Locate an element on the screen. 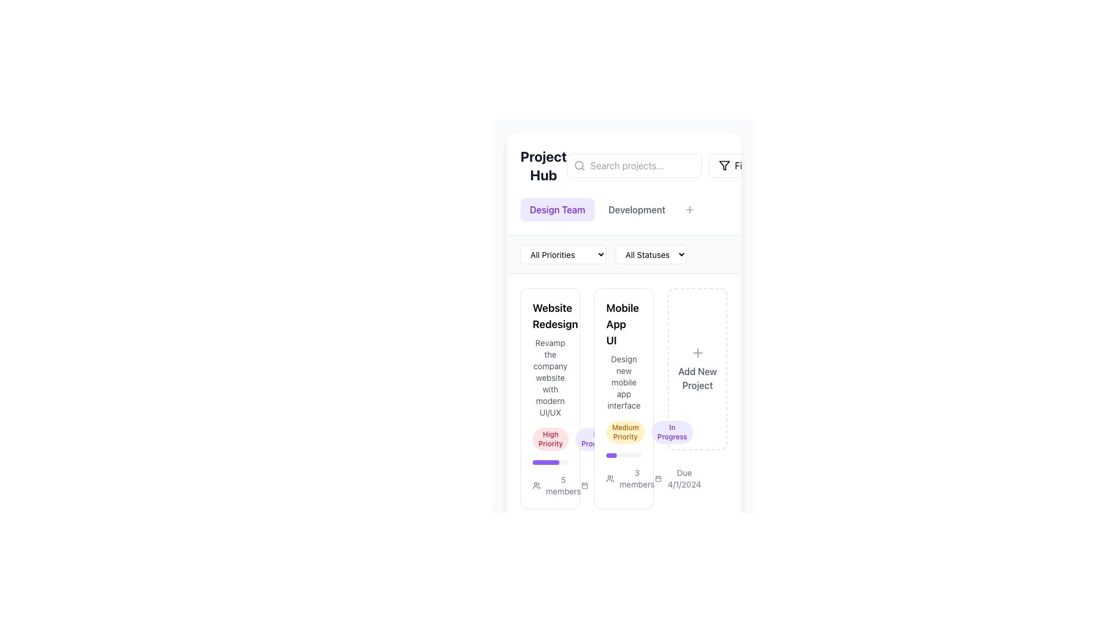  the button located in the upper left section of the interface is located at coordinates (557, 210).